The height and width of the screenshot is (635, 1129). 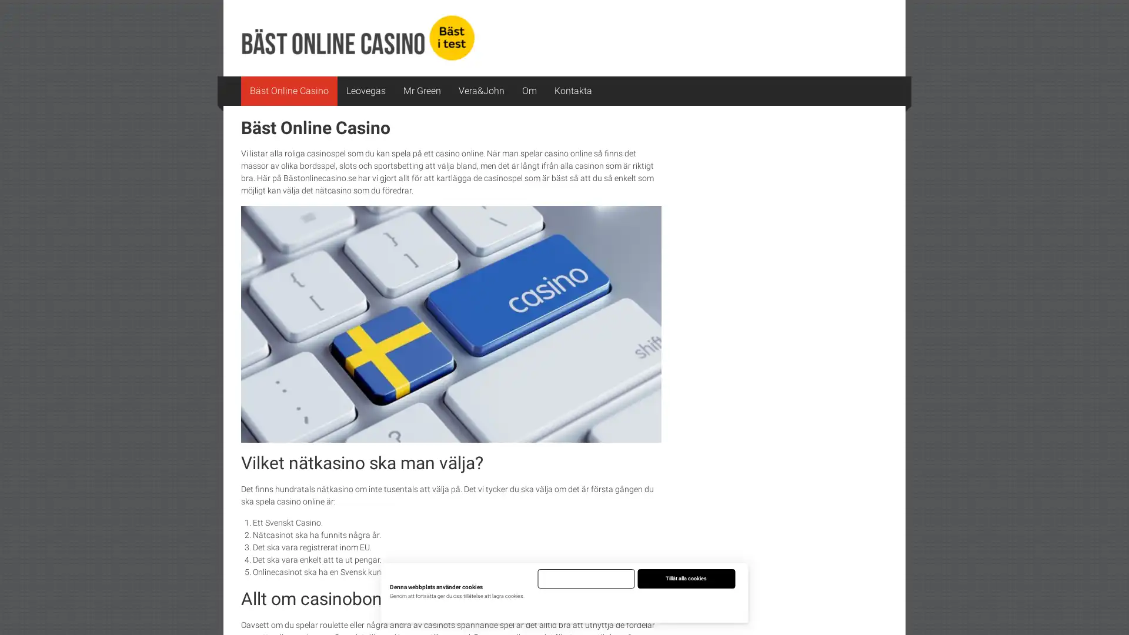 I want to click on Justera installningar, so click(x=635, y=604).